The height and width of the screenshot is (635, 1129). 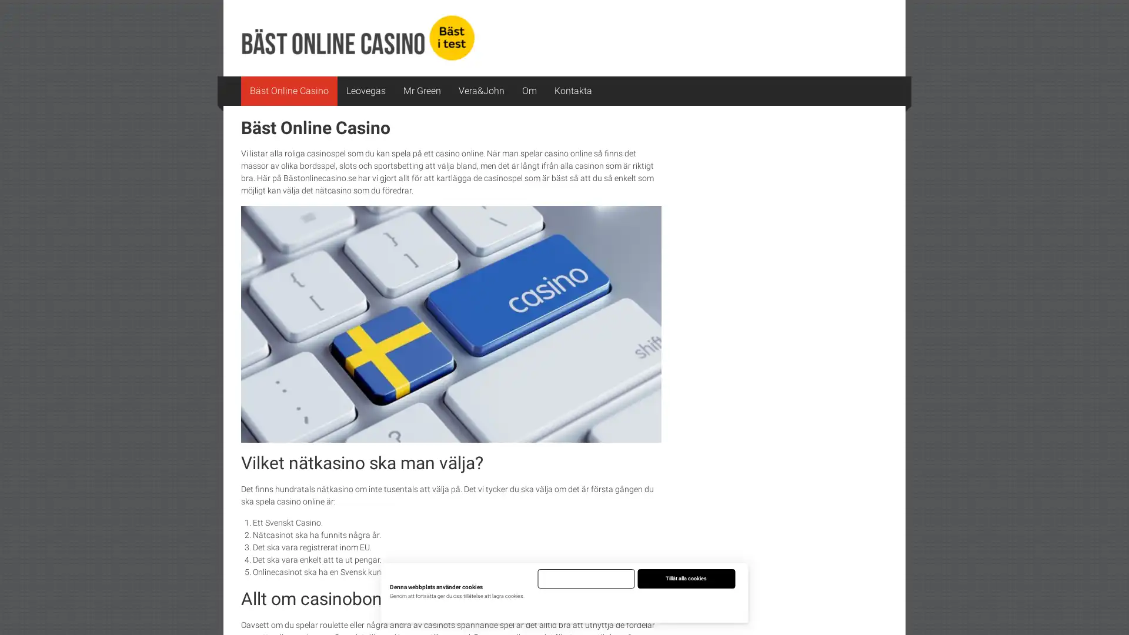 I want to click on Justera installningar, so click(x=635, y=604).